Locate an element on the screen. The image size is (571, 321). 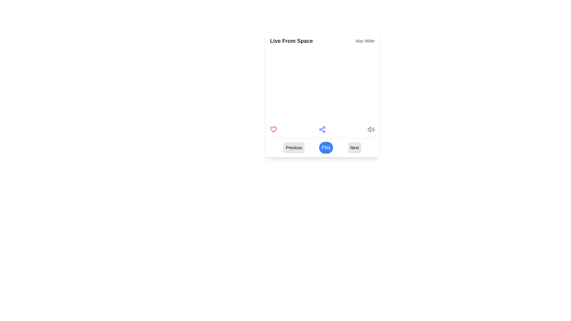
the decorative arc of the volume icon located at the bottom right of the main card is located at coordinates (373, 129).